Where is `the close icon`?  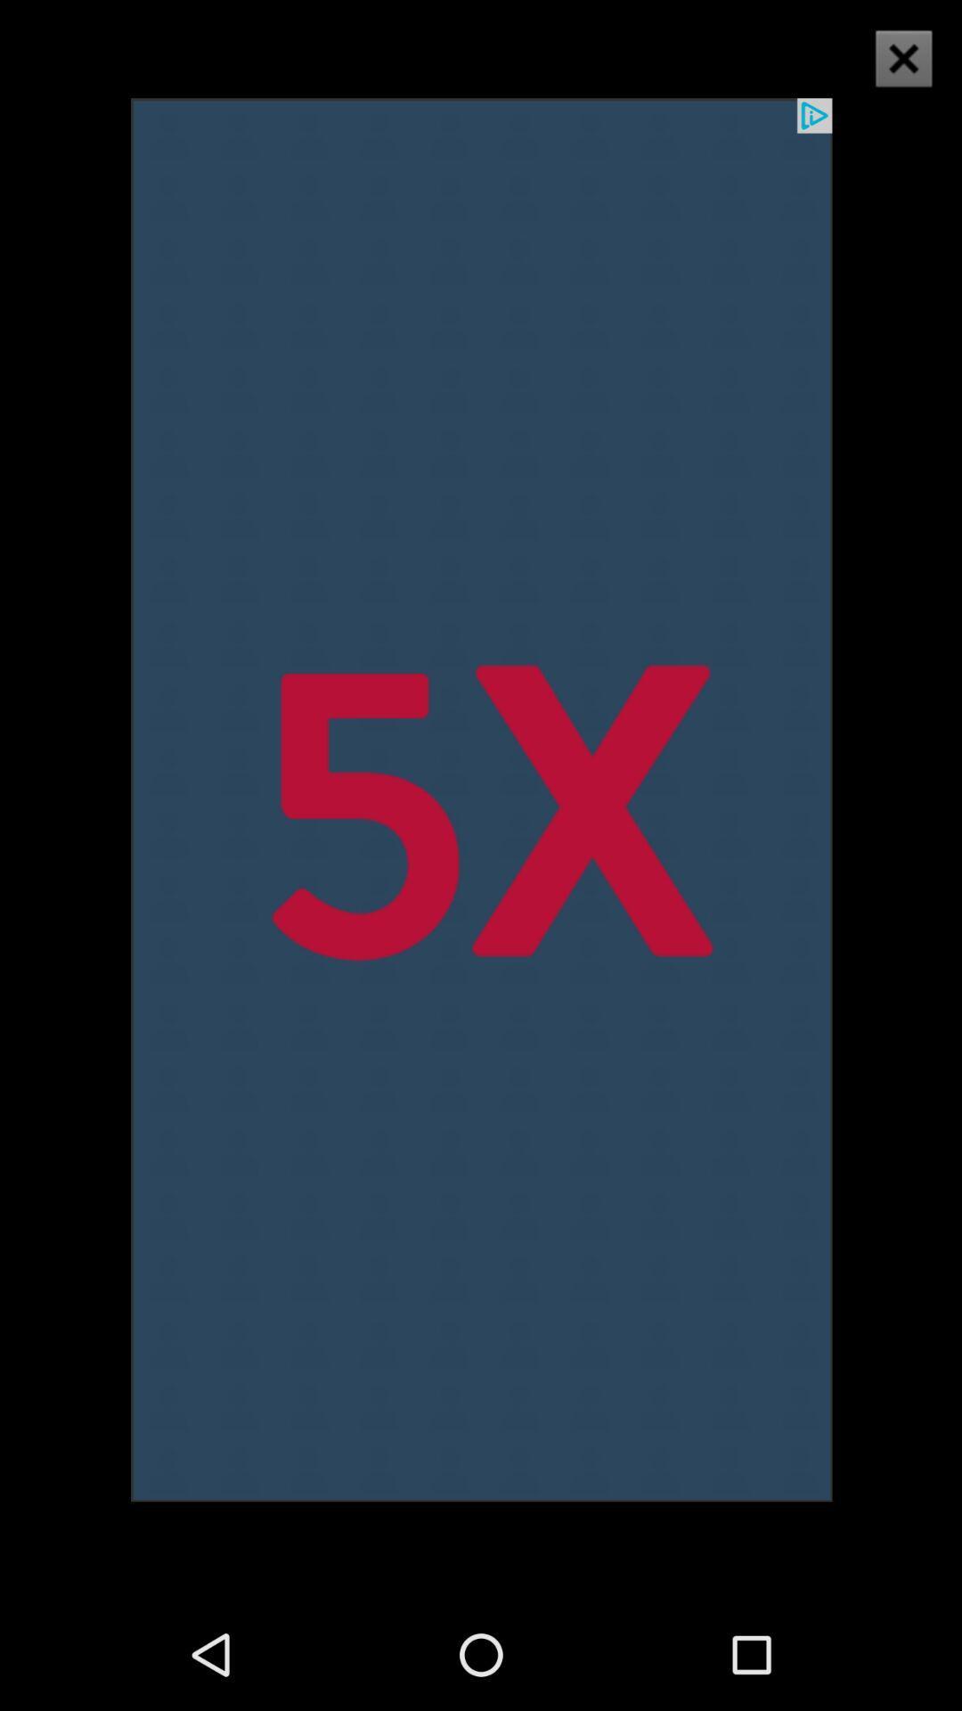 the close icon is located at coordinates (903, 62).